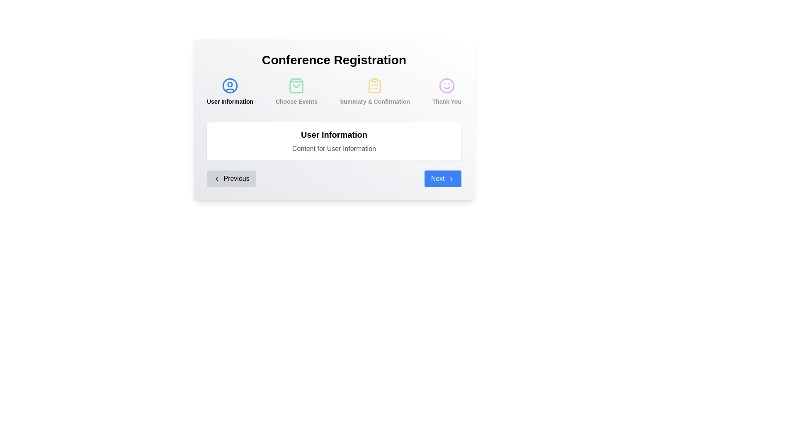 This screenshot has width=796, height=448. What do you see at coordinates (296, 91) in the screenshot?
I see `the Navigation step indicator, which features a green shopping bag icon above the text 'Choose Events'` at bounding box center [296, 91].